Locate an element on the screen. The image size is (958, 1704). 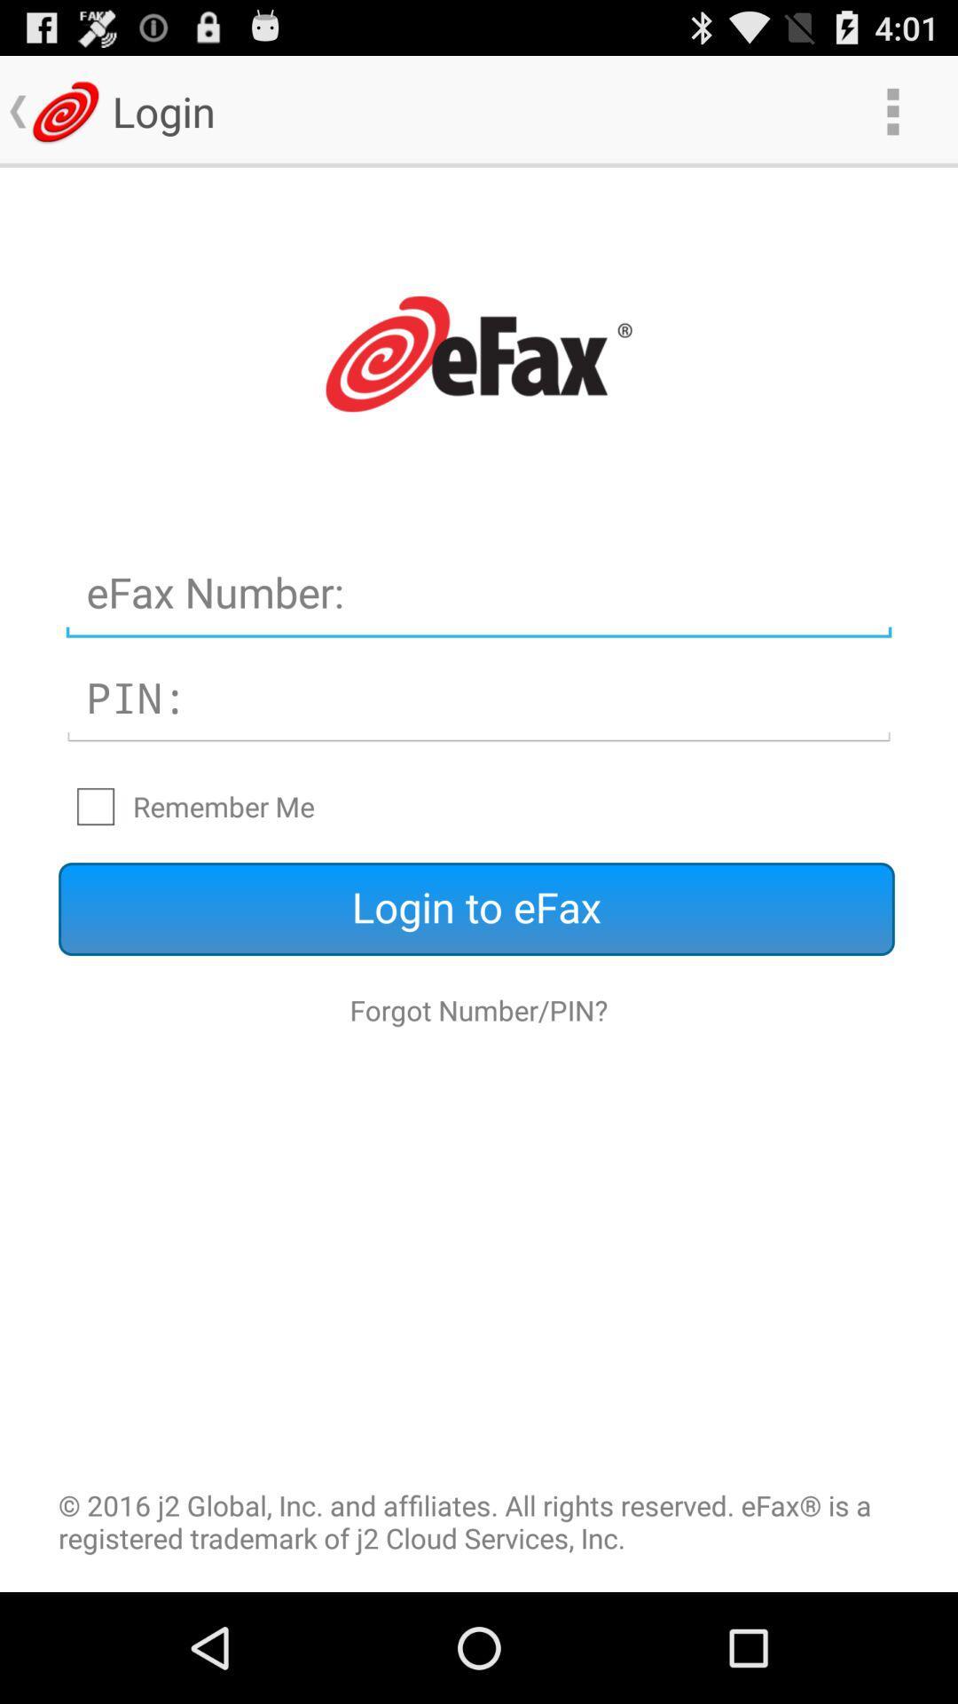
the icon below login to efax is located at coordinates (479, 1010).